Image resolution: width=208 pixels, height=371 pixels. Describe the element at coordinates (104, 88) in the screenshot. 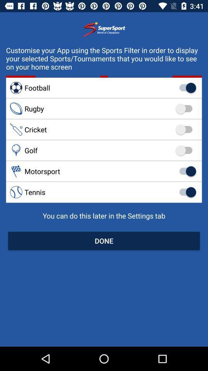

I see `the football icon` at that location.